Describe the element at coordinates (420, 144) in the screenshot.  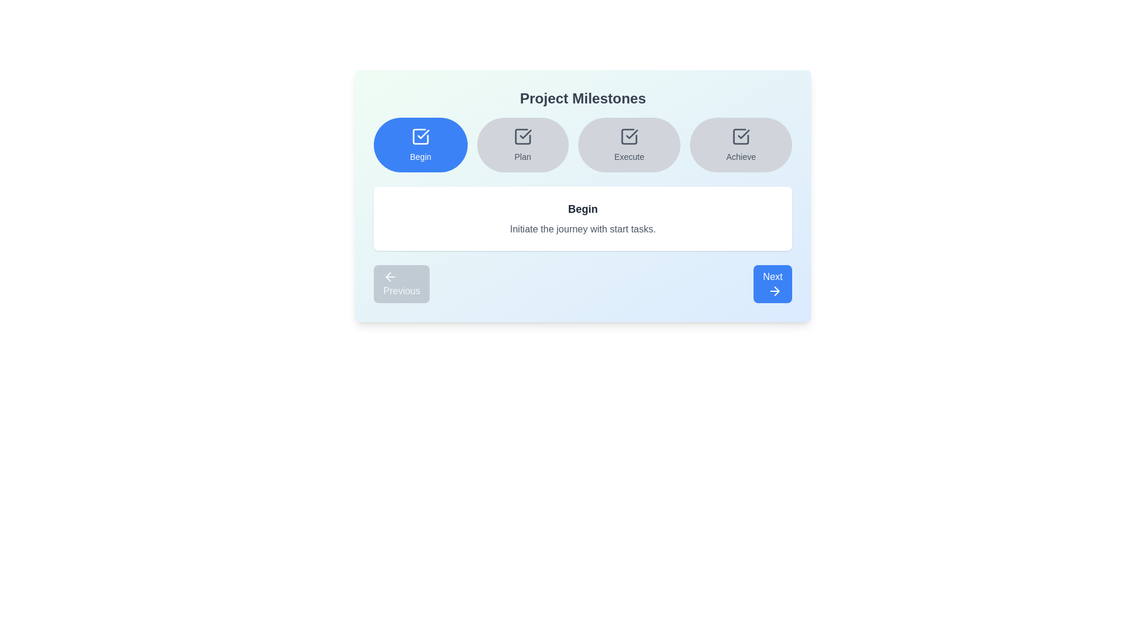
I see `the 'Begin' button located beneath the 'Project Milestones' heading` at that location.